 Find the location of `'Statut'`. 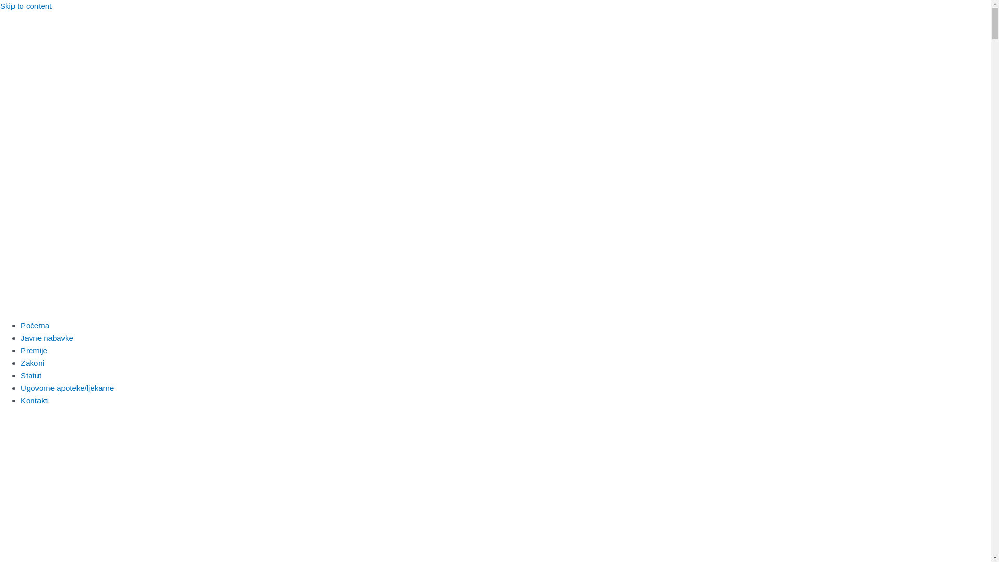

'Statut' is located at coordinates (31, 375).